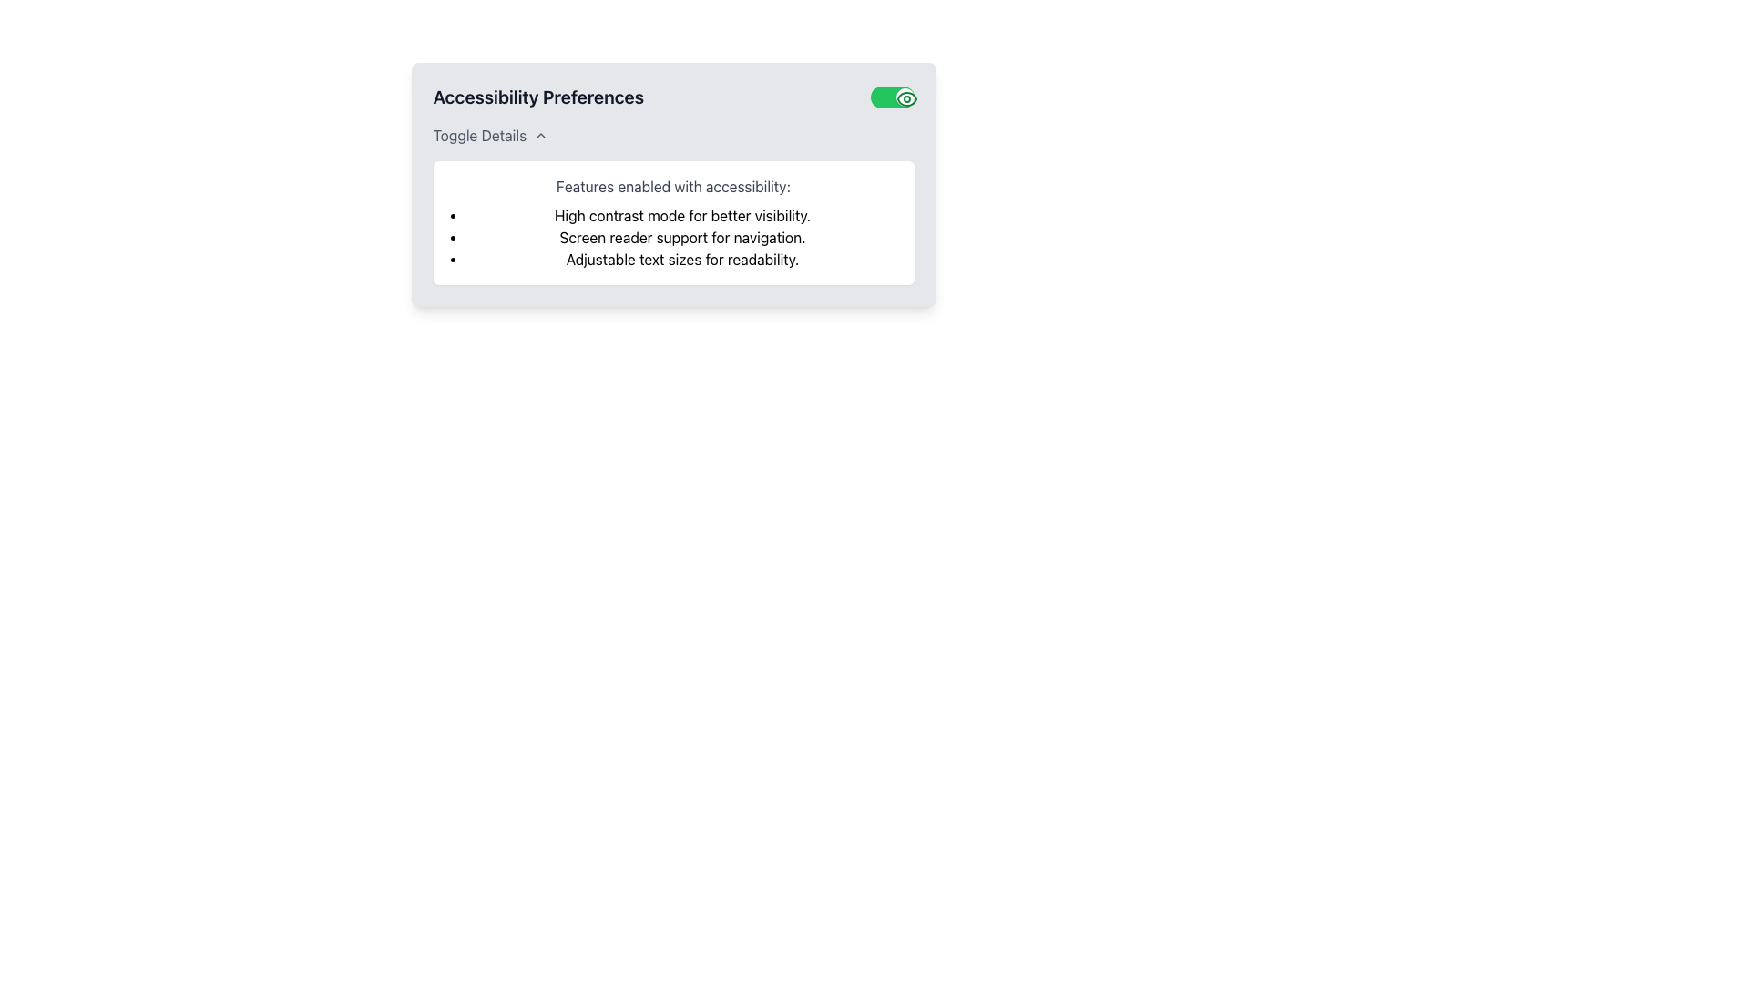  I want to click on the toggle switch in the top-right corner of the 'Accessibility Preferences' section, so click(892, 97).